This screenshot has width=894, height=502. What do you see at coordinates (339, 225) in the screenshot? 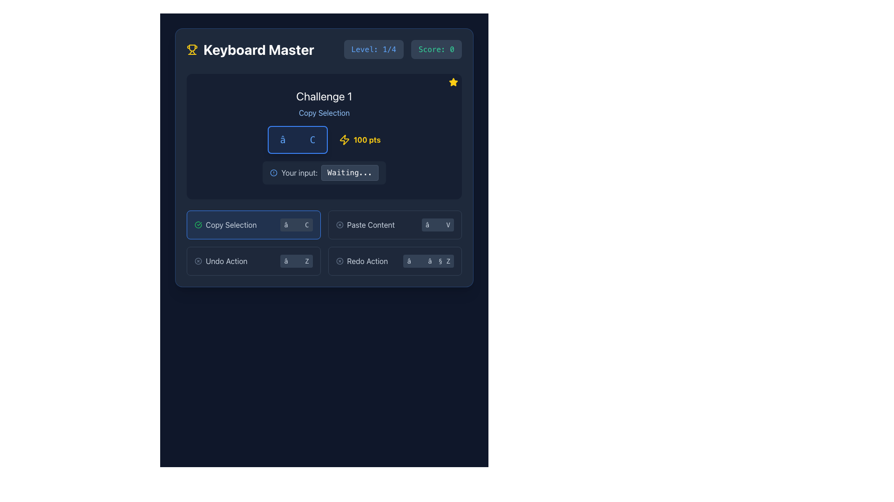
I see `the circular graphic element with a radius of 10px, styled with slate gray color, located in the top-right corner of the interface inside an SVG` at bounding box center [339, 225].